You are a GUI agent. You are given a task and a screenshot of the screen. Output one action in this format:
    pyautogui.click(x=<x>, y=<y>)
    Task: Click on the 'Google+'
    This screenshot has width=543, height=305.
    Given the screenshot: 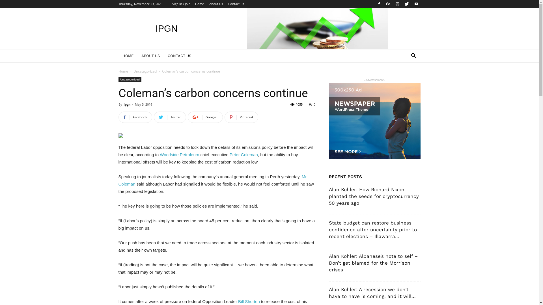 What is the action you would take?
    pyautogui.click(x=205, y=117)
    